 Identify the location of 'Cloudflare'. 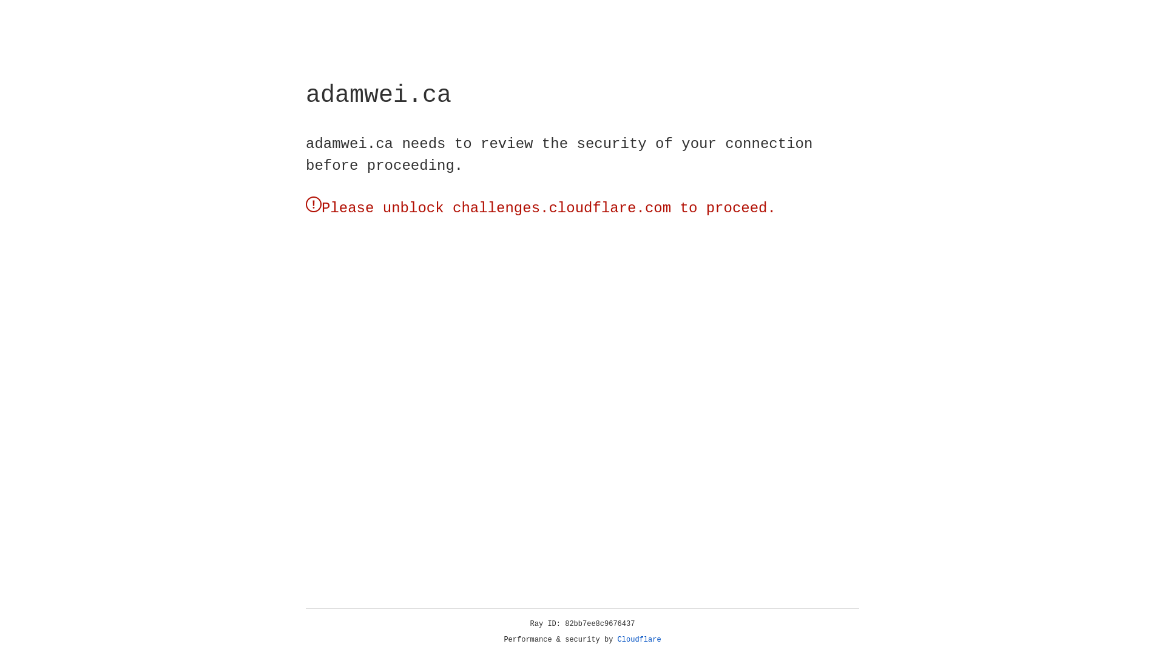
(639, 639).